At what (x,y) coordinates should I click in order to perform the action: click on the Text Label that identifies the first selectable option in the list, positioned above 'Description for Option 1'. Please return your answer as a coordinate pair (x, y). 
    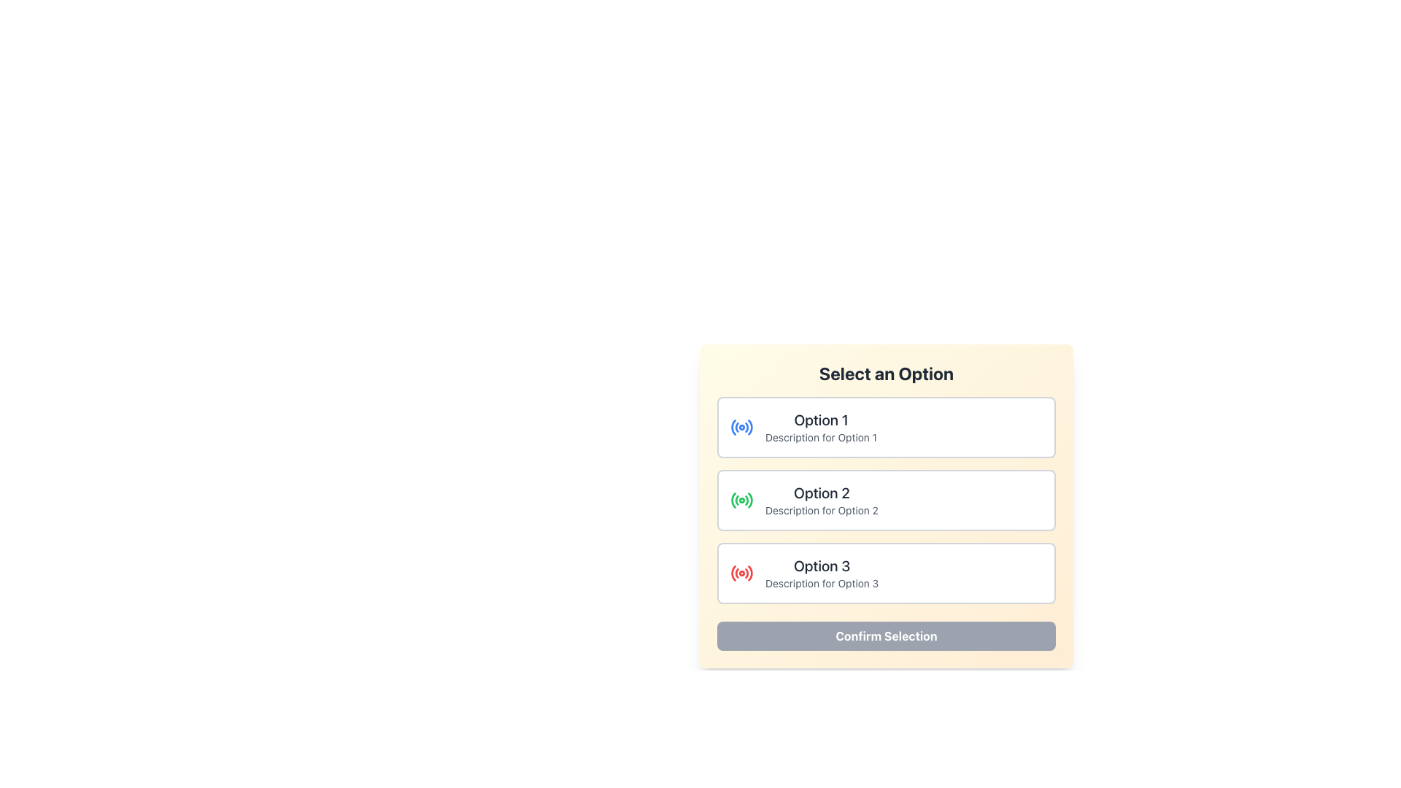
    Looking at the image, I should click on (821, 420).